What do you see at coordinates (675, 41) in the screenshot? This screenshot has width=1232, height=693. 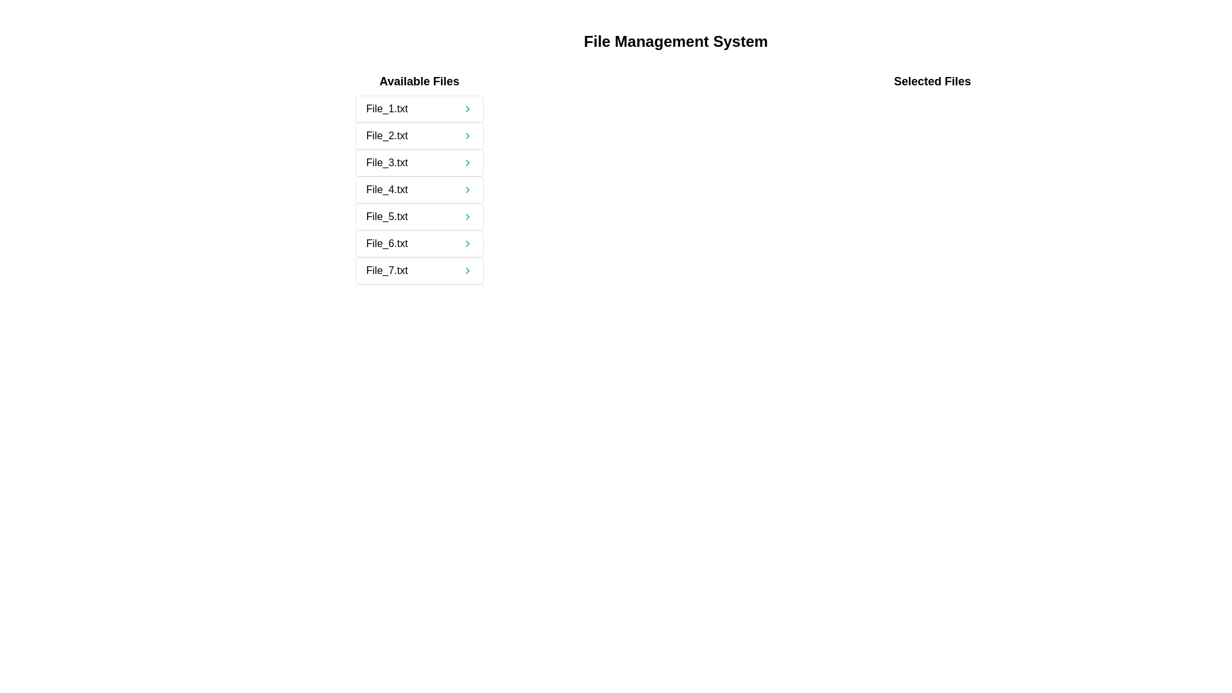 I see `displayed text from the header text label located at the topmost area of the file management system section` at bounding box center [675, 41].